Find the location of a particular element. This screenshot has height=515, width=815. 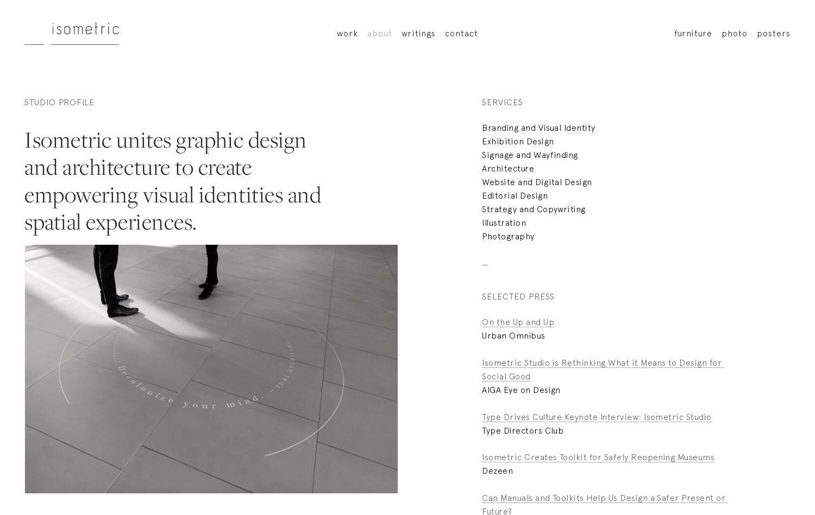

'SELECTED PRESS' is located at coordinates (481, 295).